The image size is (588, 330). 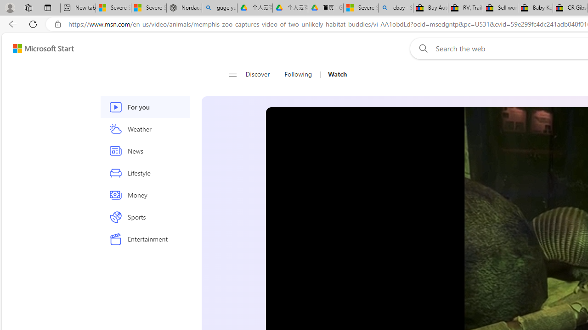 What do you see at coordinates (232, 74) in the screenshot?
I see `'Class: button-glyph'` at bounding box center [232, 74].